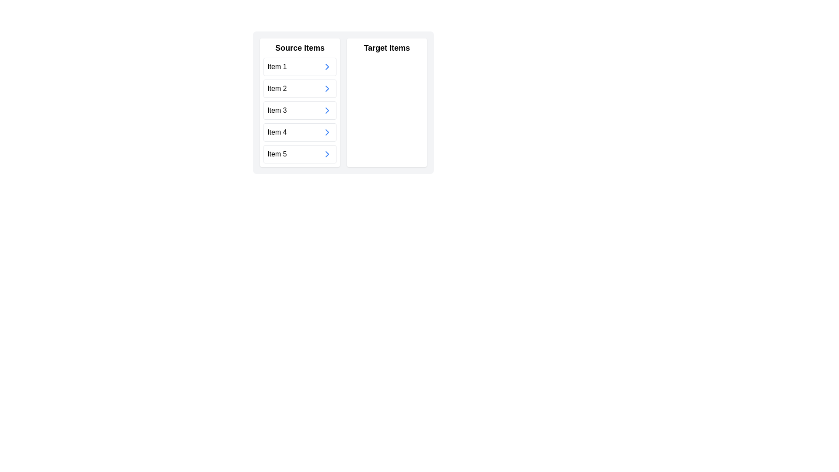 The height and width of the screenshot is (472, 839). Describe the element at coordinates (300, 89) in the screenshot. I see `the second item in the 'Source Items' list on the left side of the interface` at that location.